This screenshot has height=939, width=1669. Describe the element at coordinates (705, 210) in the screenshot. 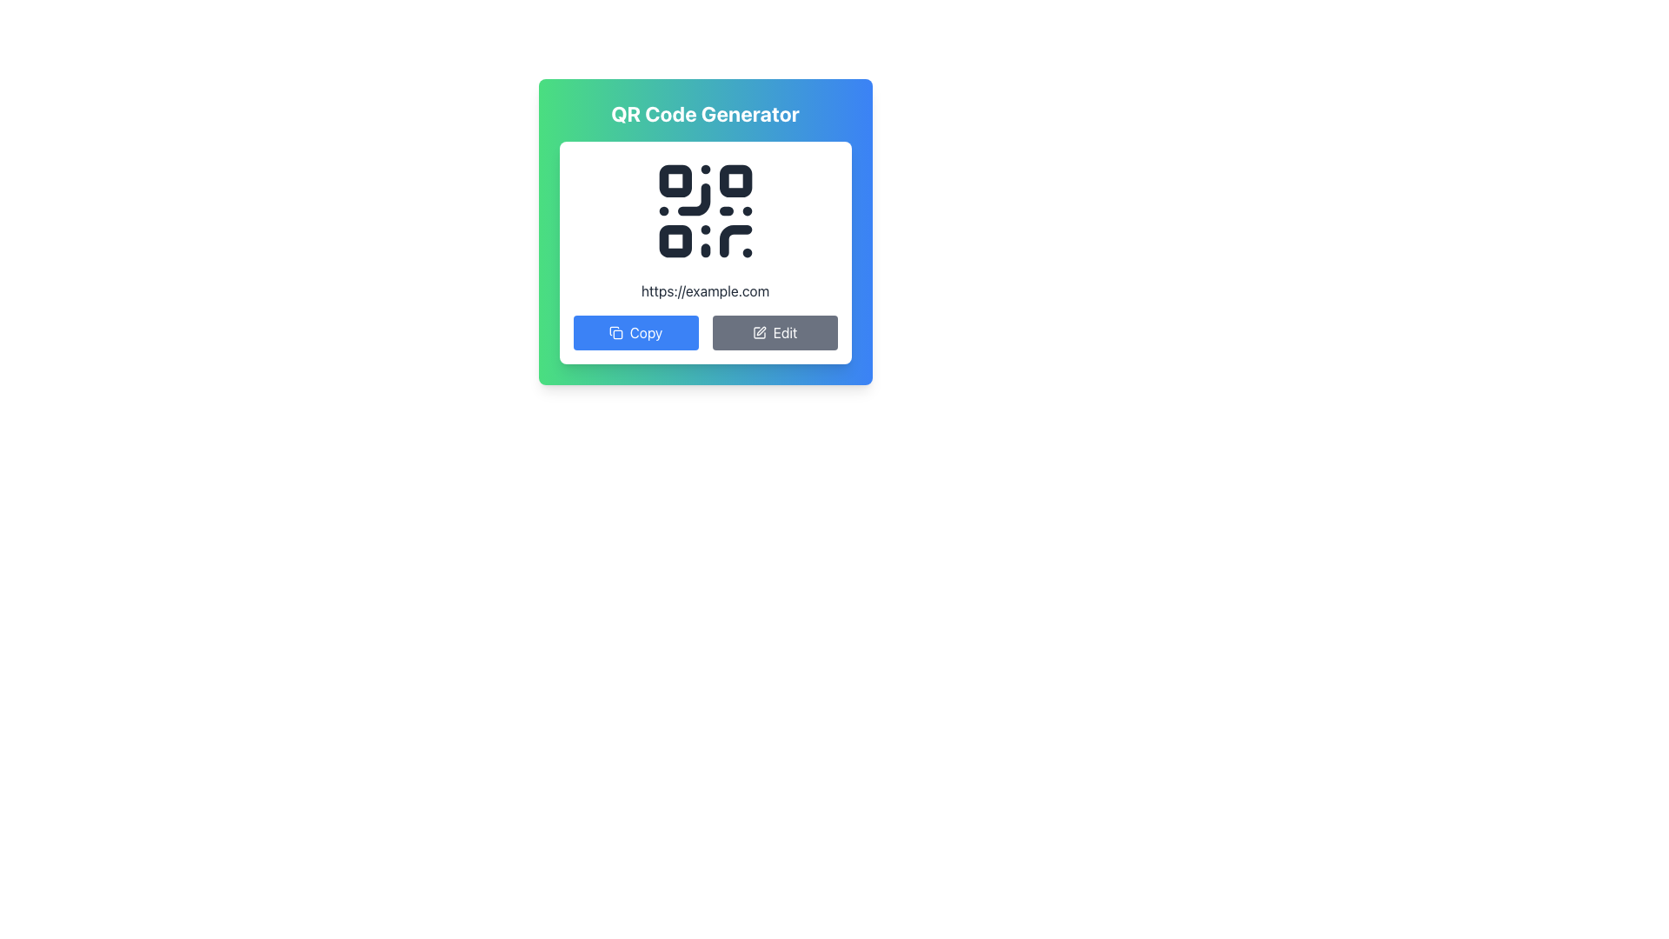

I see `the static image representing a QR code located in the upper section of the card above the URL text 'https://example.com'` at that location.